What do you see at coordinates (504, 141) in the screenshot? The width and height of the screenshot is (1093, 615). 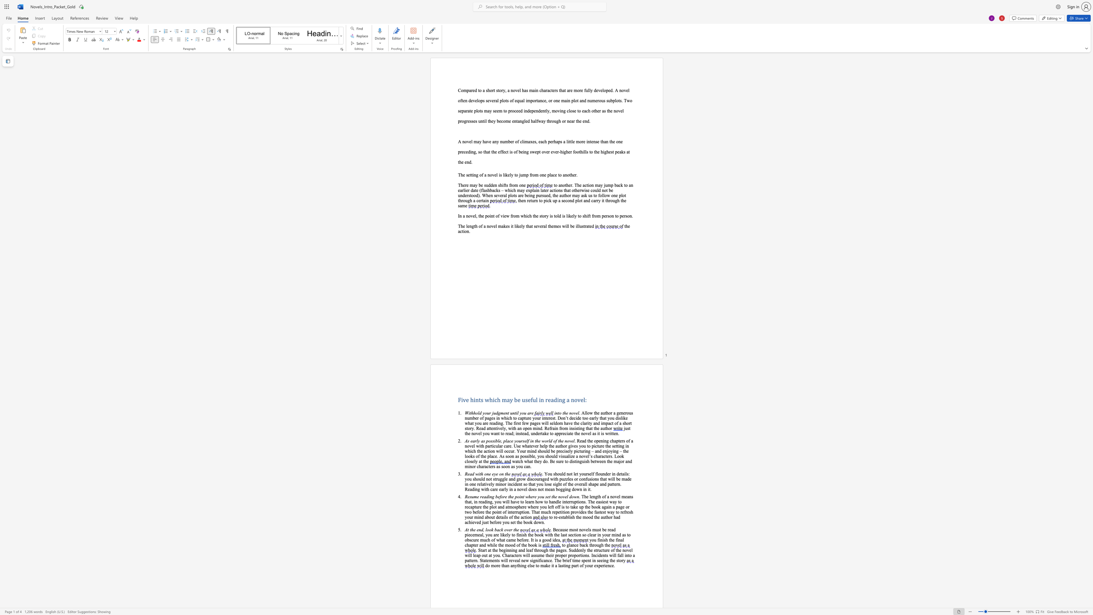 I see `the subset text "mber" within the text "A novel may have any number of climaxes, each"` at bounding box center [504, 141].